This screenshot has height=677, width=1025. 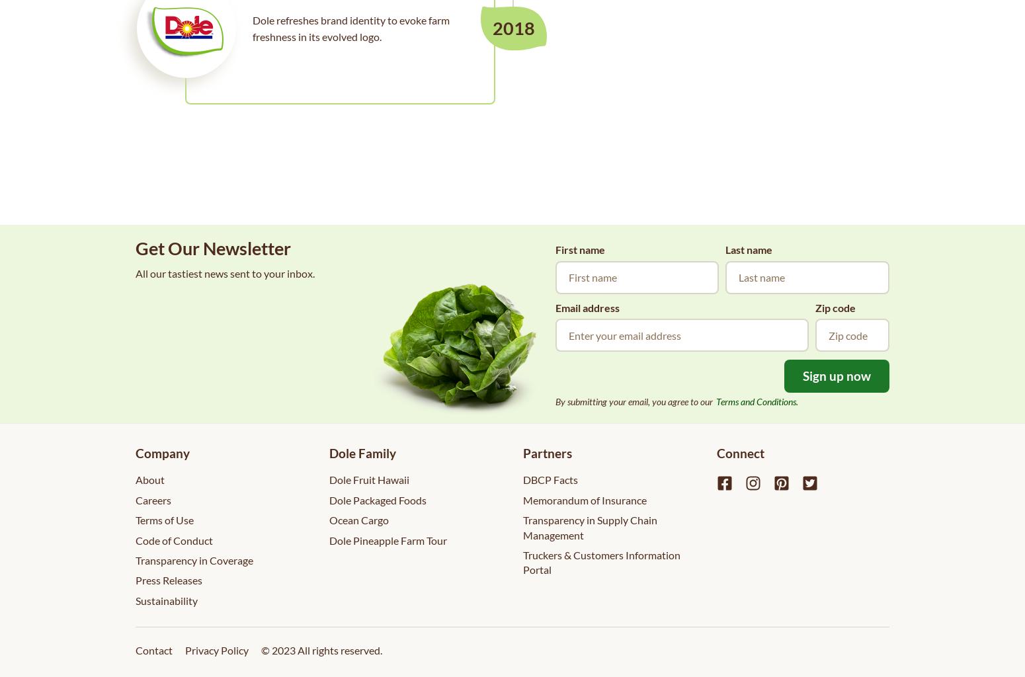 What do you see at coordinates (212, 248) in the screenshot?
I see `'Get Our Newsletter'` at bounding box center [212, 248].